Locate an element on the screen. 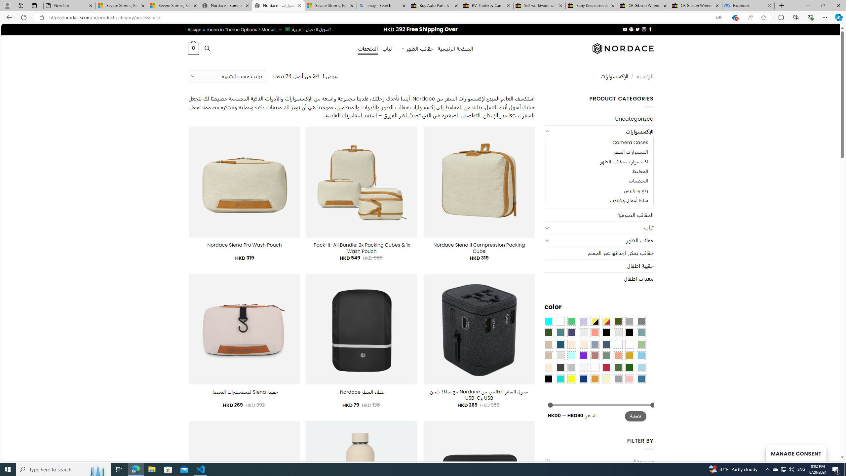 This screenshot has width=846, height=476. 'Close' is located at coordinates (838, 5).